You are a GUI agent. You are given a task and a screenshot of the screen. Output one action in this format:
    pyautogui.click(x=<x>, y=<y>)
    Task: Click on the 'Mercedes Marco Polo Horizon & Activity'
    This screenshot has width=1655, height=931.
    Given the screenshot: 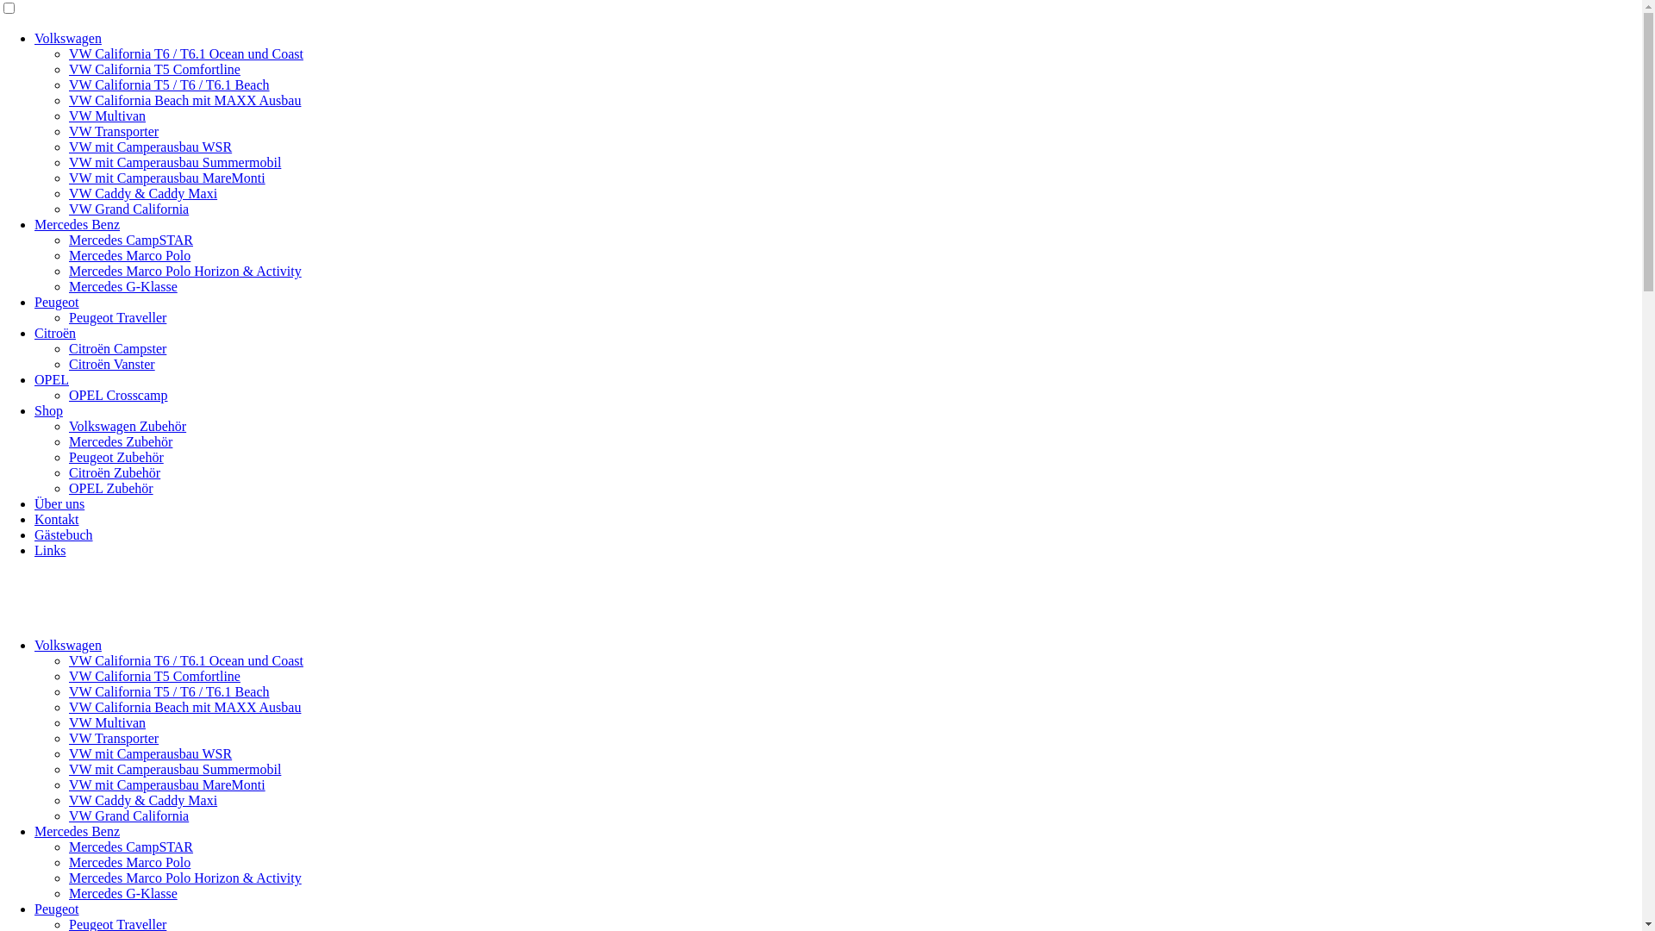 What is the action you would take?
    pyautogui.click(x=185, y=878)
    